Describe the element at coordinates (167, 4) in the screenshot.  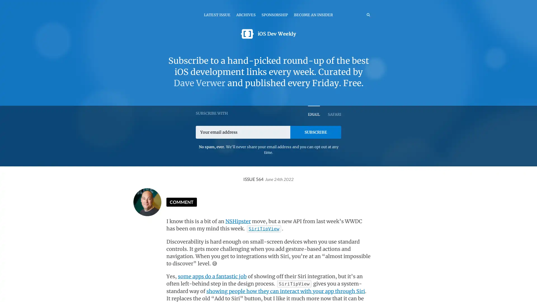
I see `TOGGLE MENU` at that location.